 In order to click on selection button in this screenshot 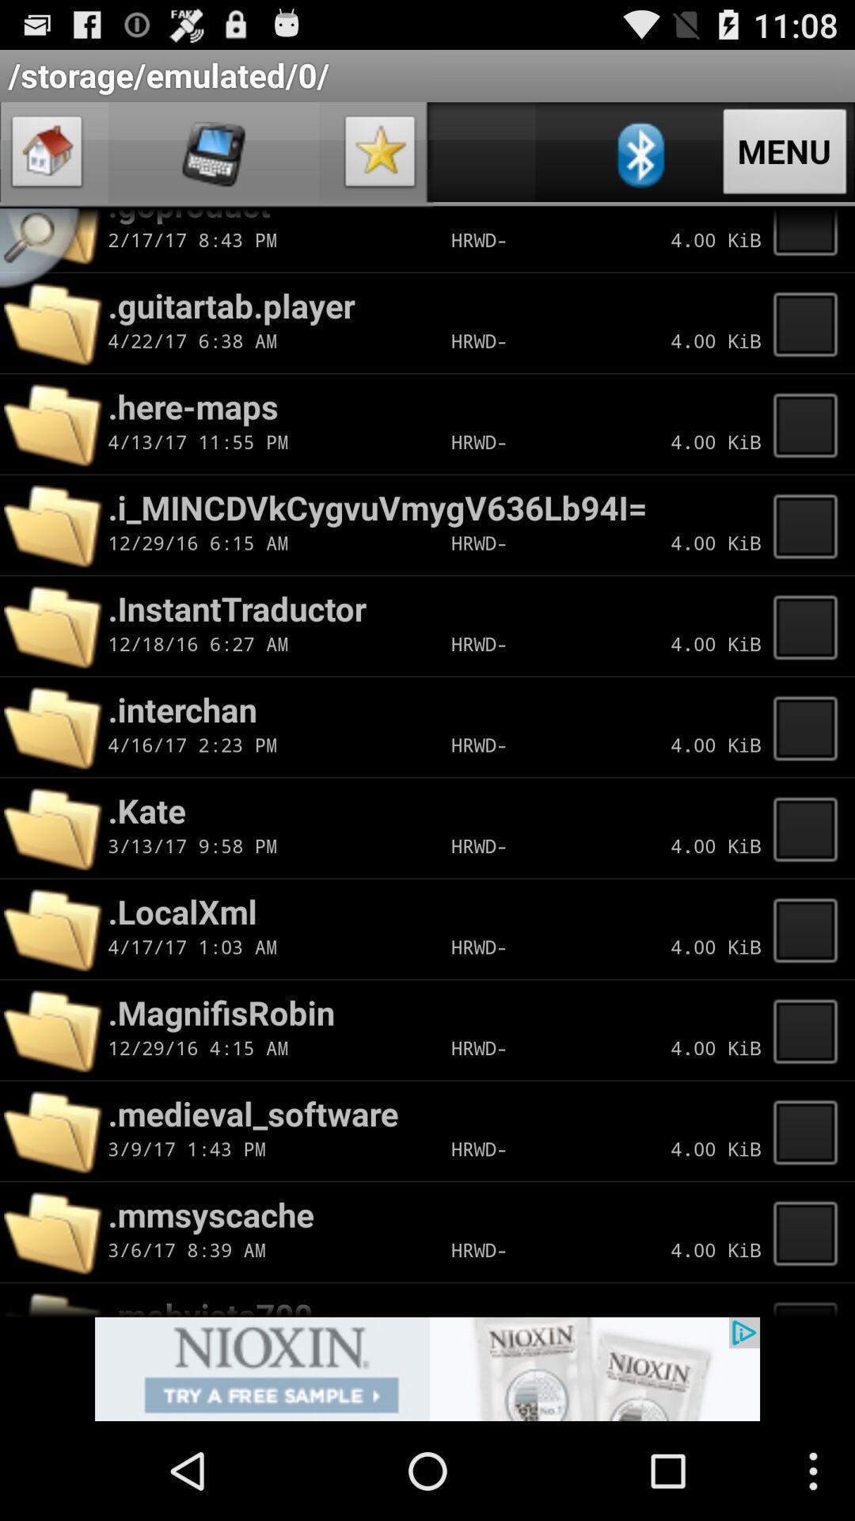, I will do `click(810, 1231)`.